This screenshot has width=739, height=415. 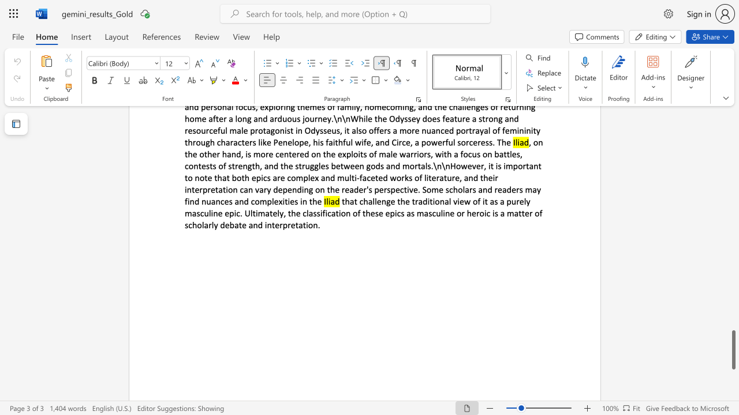 What do you see at coordinates (733, 195) in the screenshot?
I see `the scrollbar to move the content higher` at bounding box center [733, 195].